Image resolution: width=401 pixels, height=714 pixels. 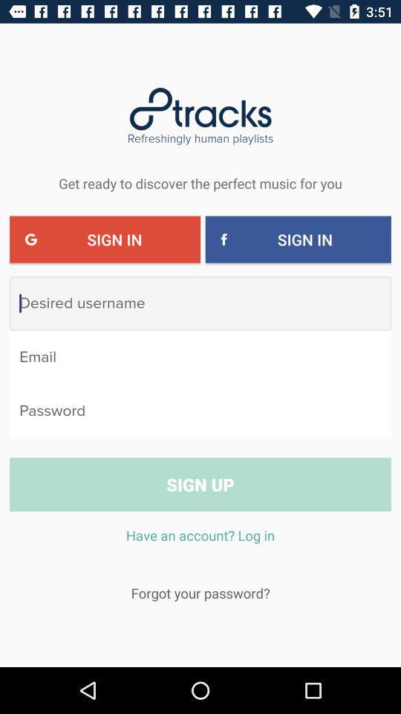 What do you see at coordinates (200, 593) in the screenshot?
I see `the forgot your password? item` at bounding box center [200, 593].